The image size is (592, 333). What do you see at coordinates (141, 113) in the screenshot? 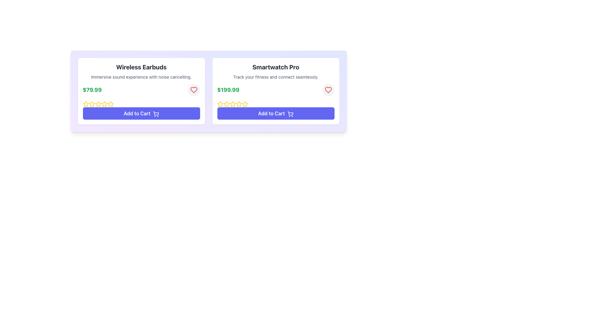
I see `the button to add 'Wireless Earbuds'` at bounding box center [141, 113].